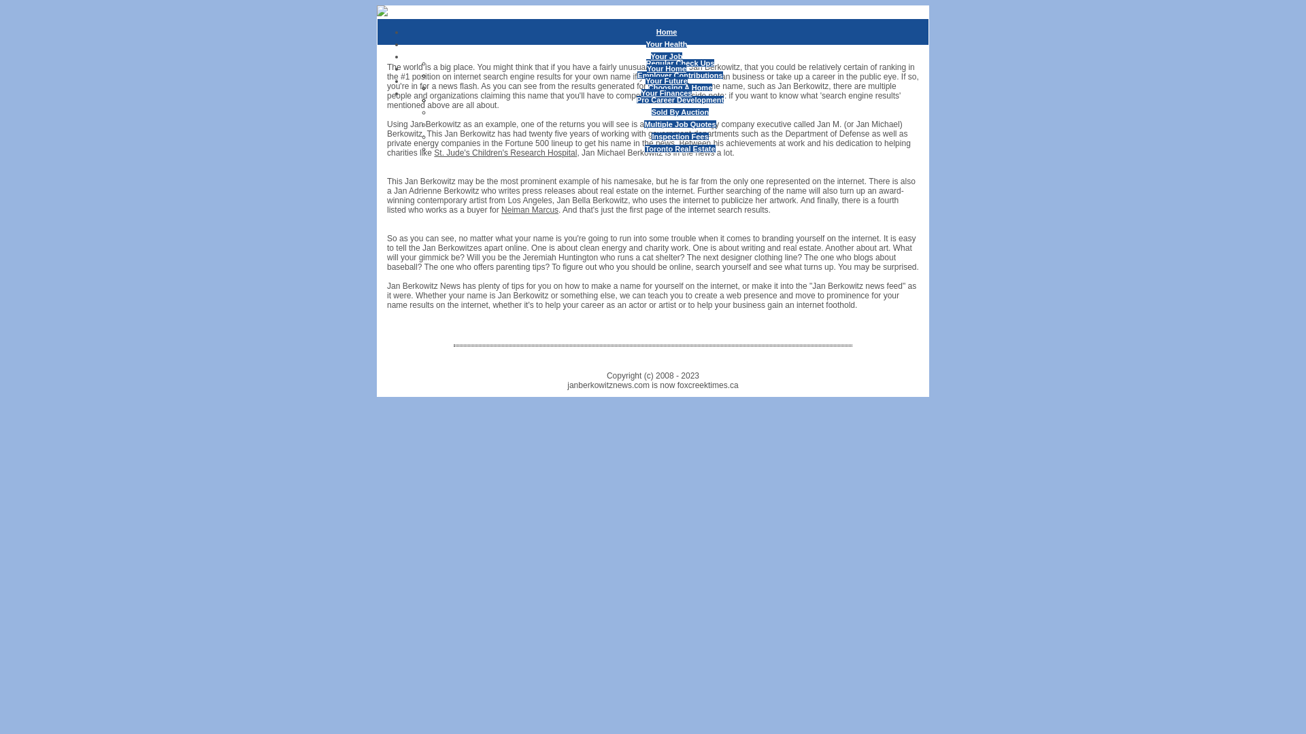 Image resolution: width=1306 pixels, height=734 pixels. What do you see at coordinates (680, 75) in the screenshot?
I see `'Employer Contributions'` at bounding box center [680, 75].